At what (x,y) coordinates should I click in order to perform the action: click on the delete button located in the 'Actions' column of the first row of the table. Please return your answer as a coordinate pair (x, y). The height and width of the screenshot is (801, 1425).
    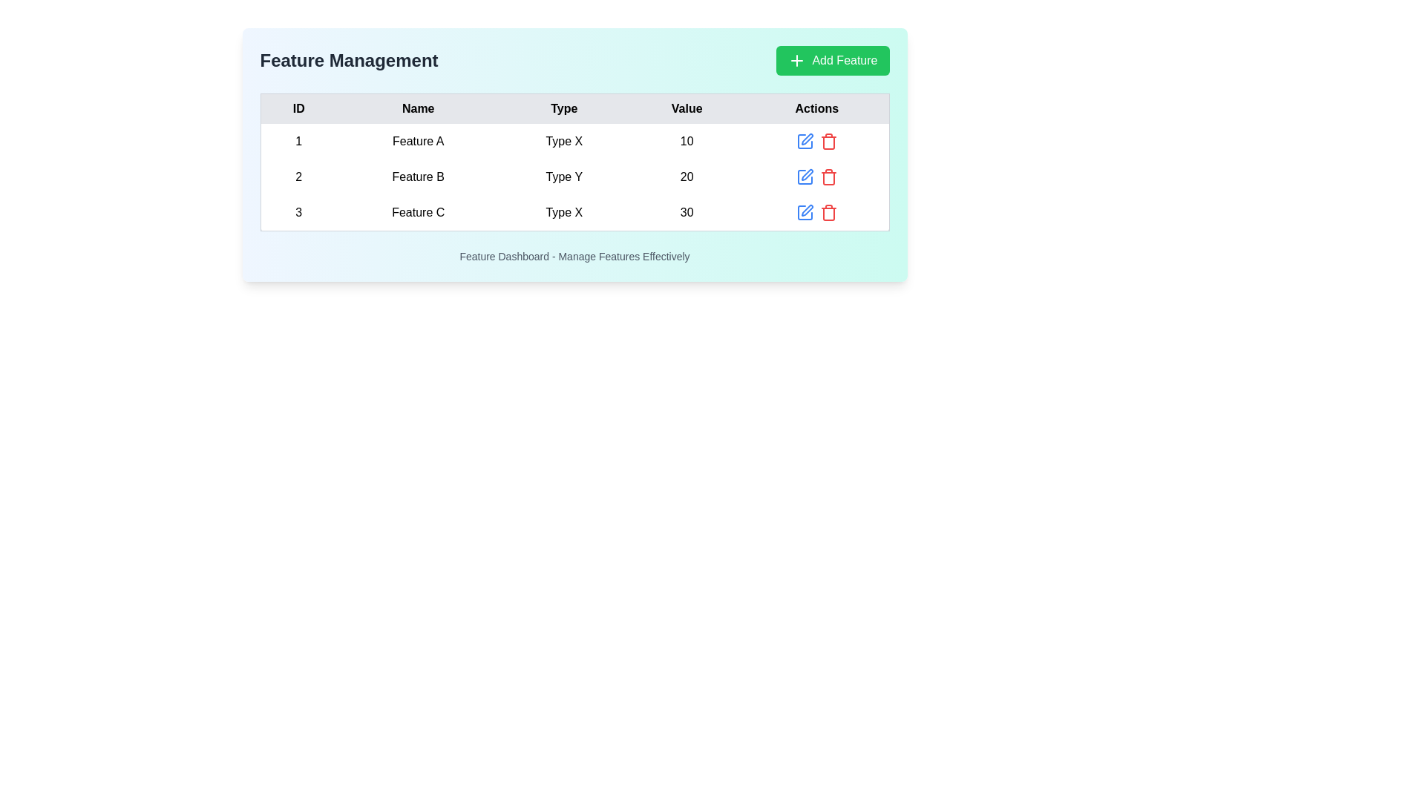
    Looking at the image, I should click on (828, 142).